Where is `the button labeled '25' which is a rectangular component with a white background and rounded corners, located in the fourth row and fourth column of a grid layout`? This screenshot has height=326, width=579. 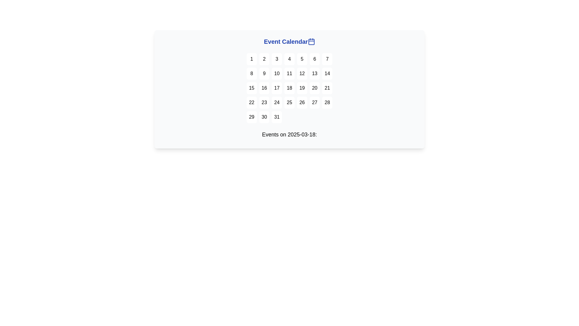
the button labeled '25' which is a rectangular component with a white background and rounded corners, located in the fourth row and fourth column of a grid layout is located at coordinates (289, 102).